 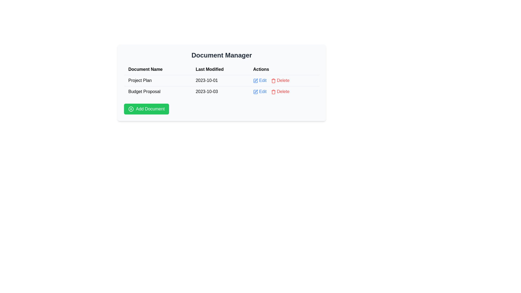 What do you see at coordinates (259, 91) in the screenshot?
I see `the Link button located in the 'Actions' column of the table` at bounding box center [259, 91].